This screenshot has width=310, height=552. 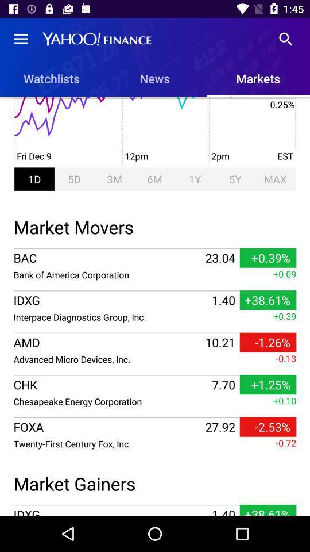 I want to click on the item below +0.10 icon, so click(x=268, y=426).